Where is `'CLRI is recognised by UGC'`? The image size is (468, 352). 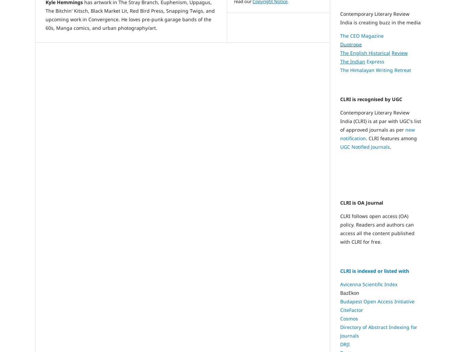
'CLRI is recognised by UGC' is located at coordinates (371, 99).